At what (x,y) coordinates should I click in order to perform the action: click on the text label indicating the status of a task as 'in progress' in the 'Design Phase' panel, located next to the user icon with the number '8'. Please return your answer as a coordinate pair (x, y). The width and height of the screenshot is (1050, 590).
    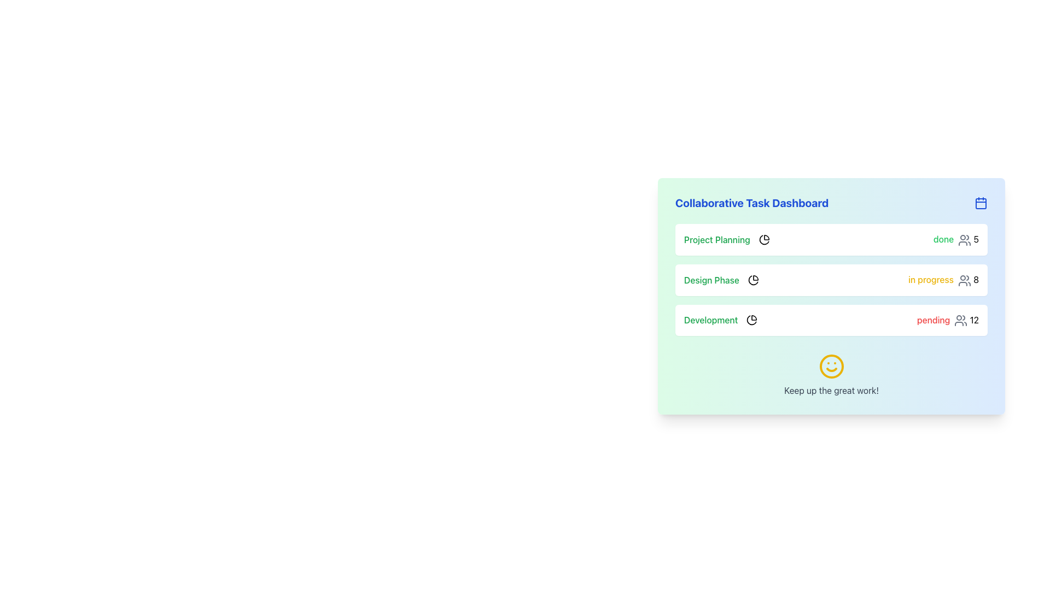
    Looking at the image, I should click on (930, 279).